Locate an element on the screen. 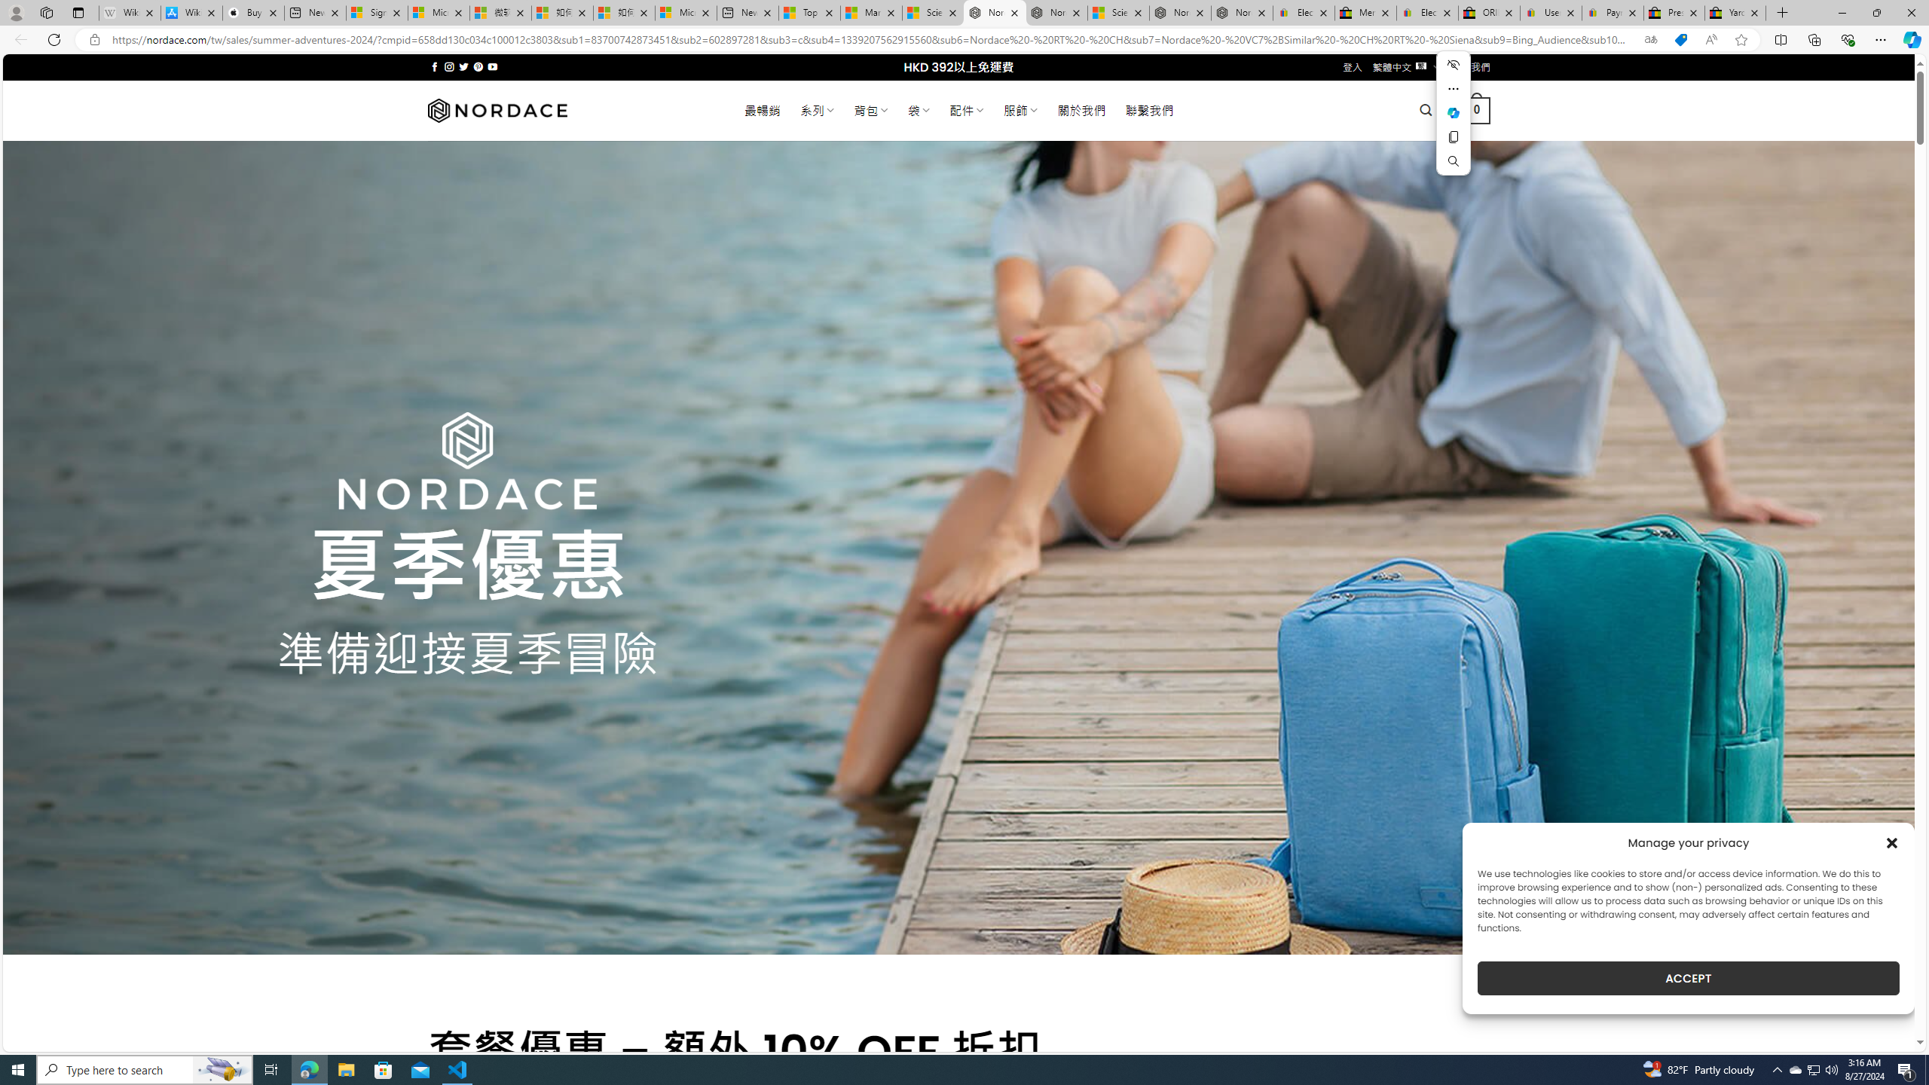 The width and height of the screenshot is (1929, 1085). 'ACCEPT' is located at coordinates (1689, 978).